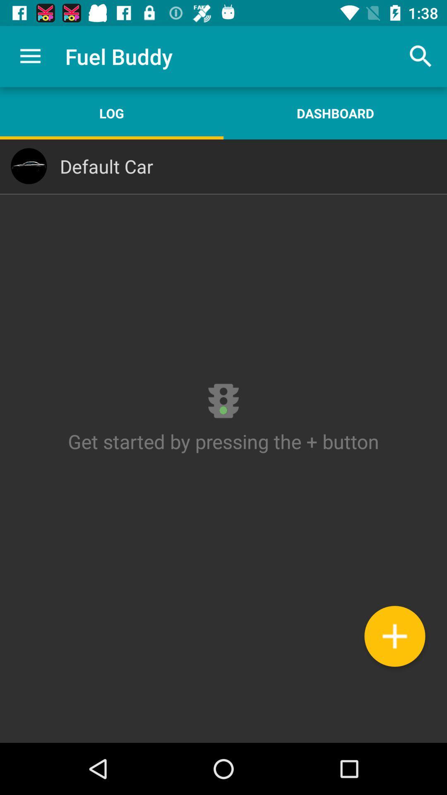  I want to click on the item above the default car icon, so click(112, 113).